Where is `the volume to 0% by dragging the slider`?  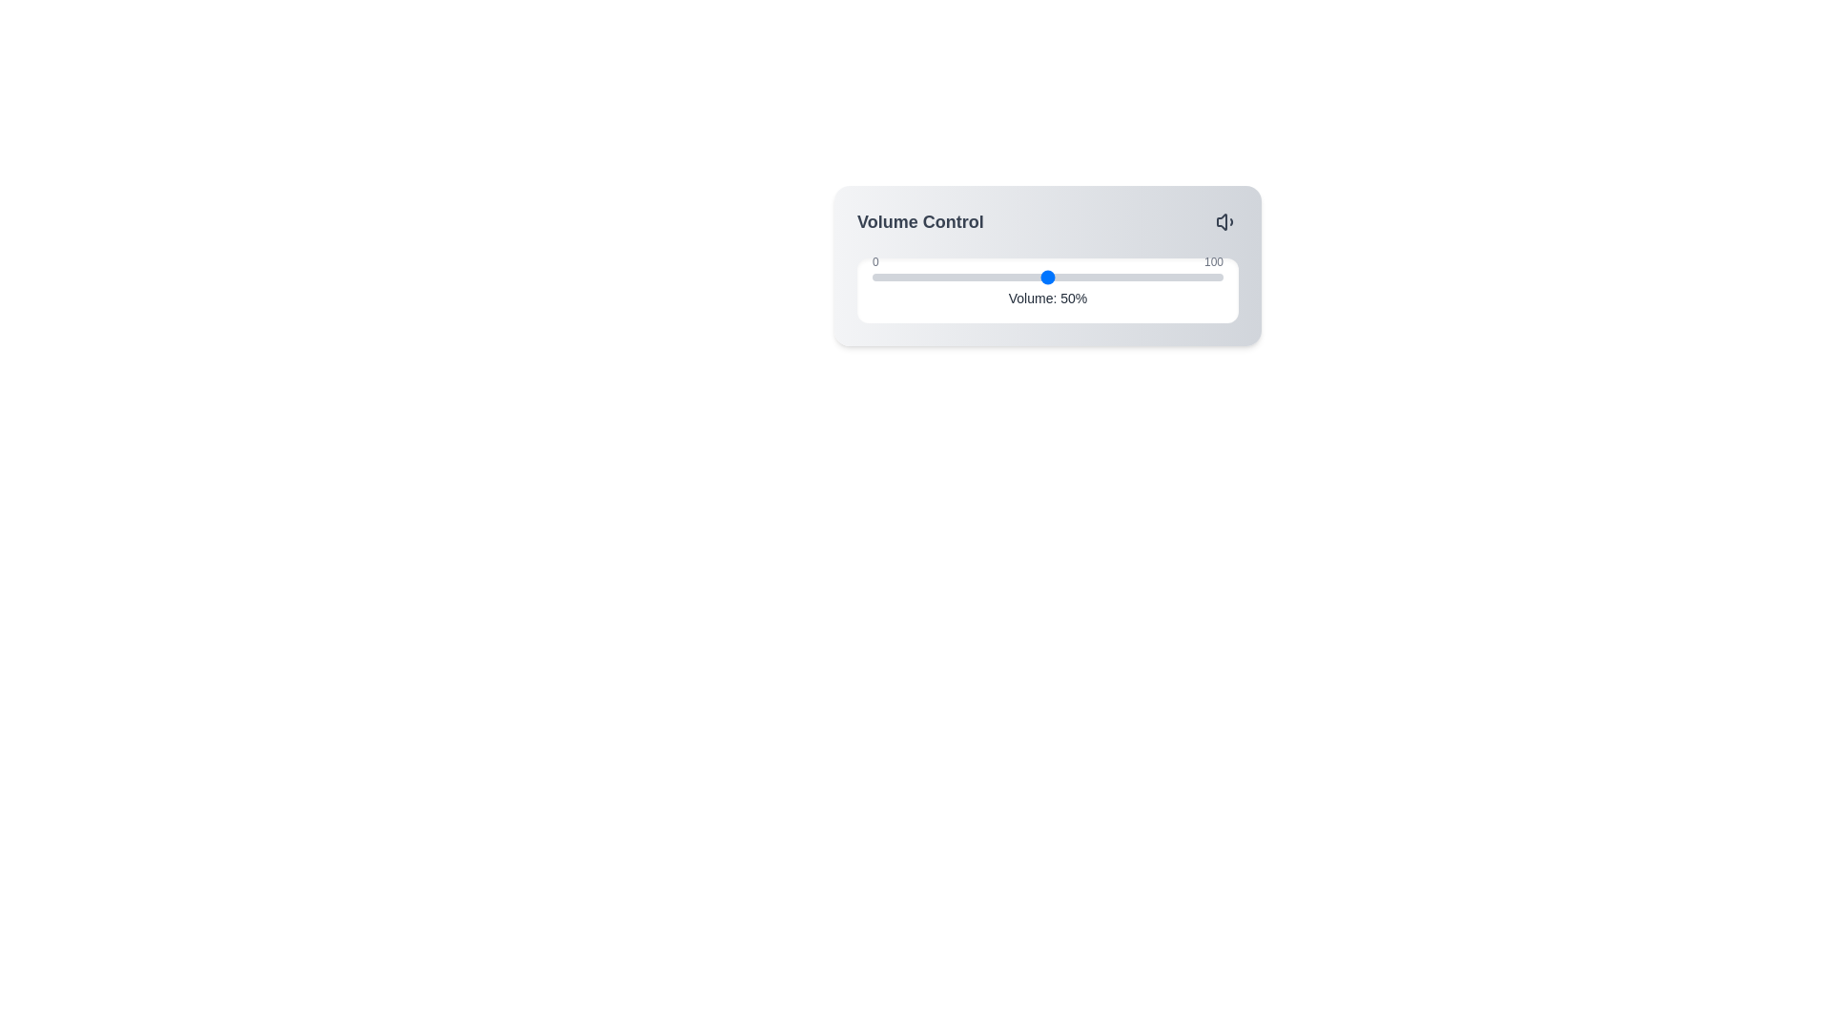 the volume to 0% by dragging the slider is located at coordinates (872, 277).